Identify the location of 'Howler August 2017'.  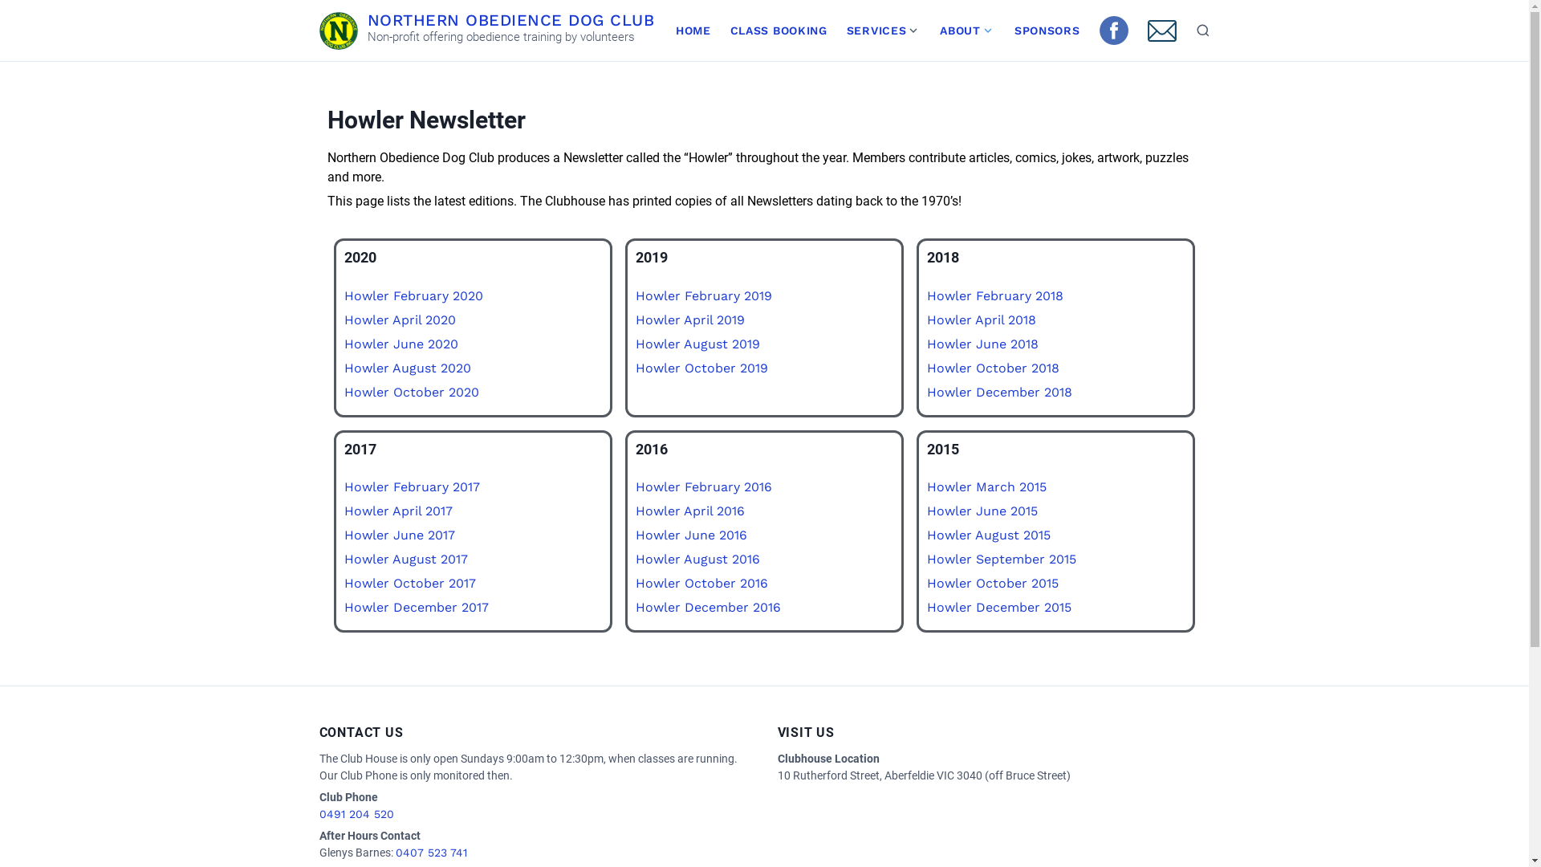
(405, 558).